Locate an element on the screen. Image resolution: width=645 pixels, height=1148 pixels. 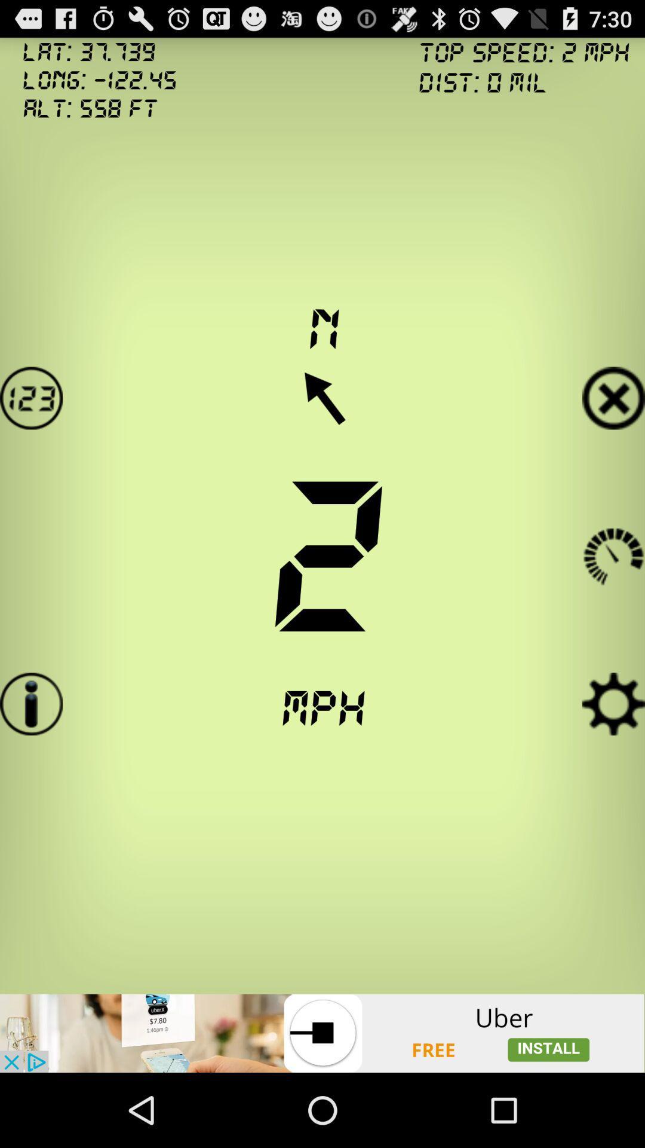
info is located at coordinates (30, 704).